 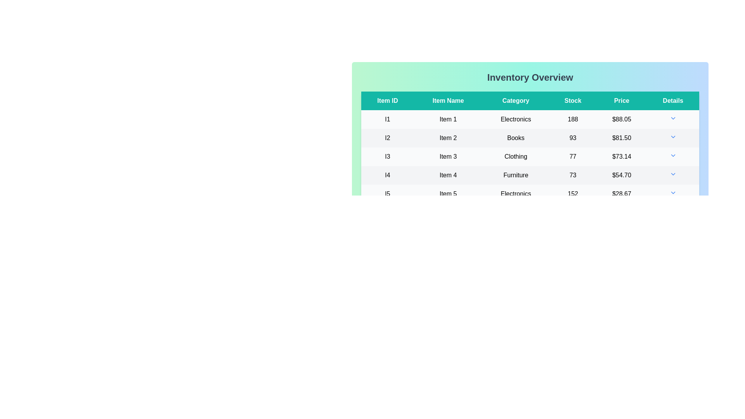 What do you see at coordinates (530, 78) in the screenshot?
I see `the main heading text labeled 'Inventory Overview'` at bounding box center [530, 78].